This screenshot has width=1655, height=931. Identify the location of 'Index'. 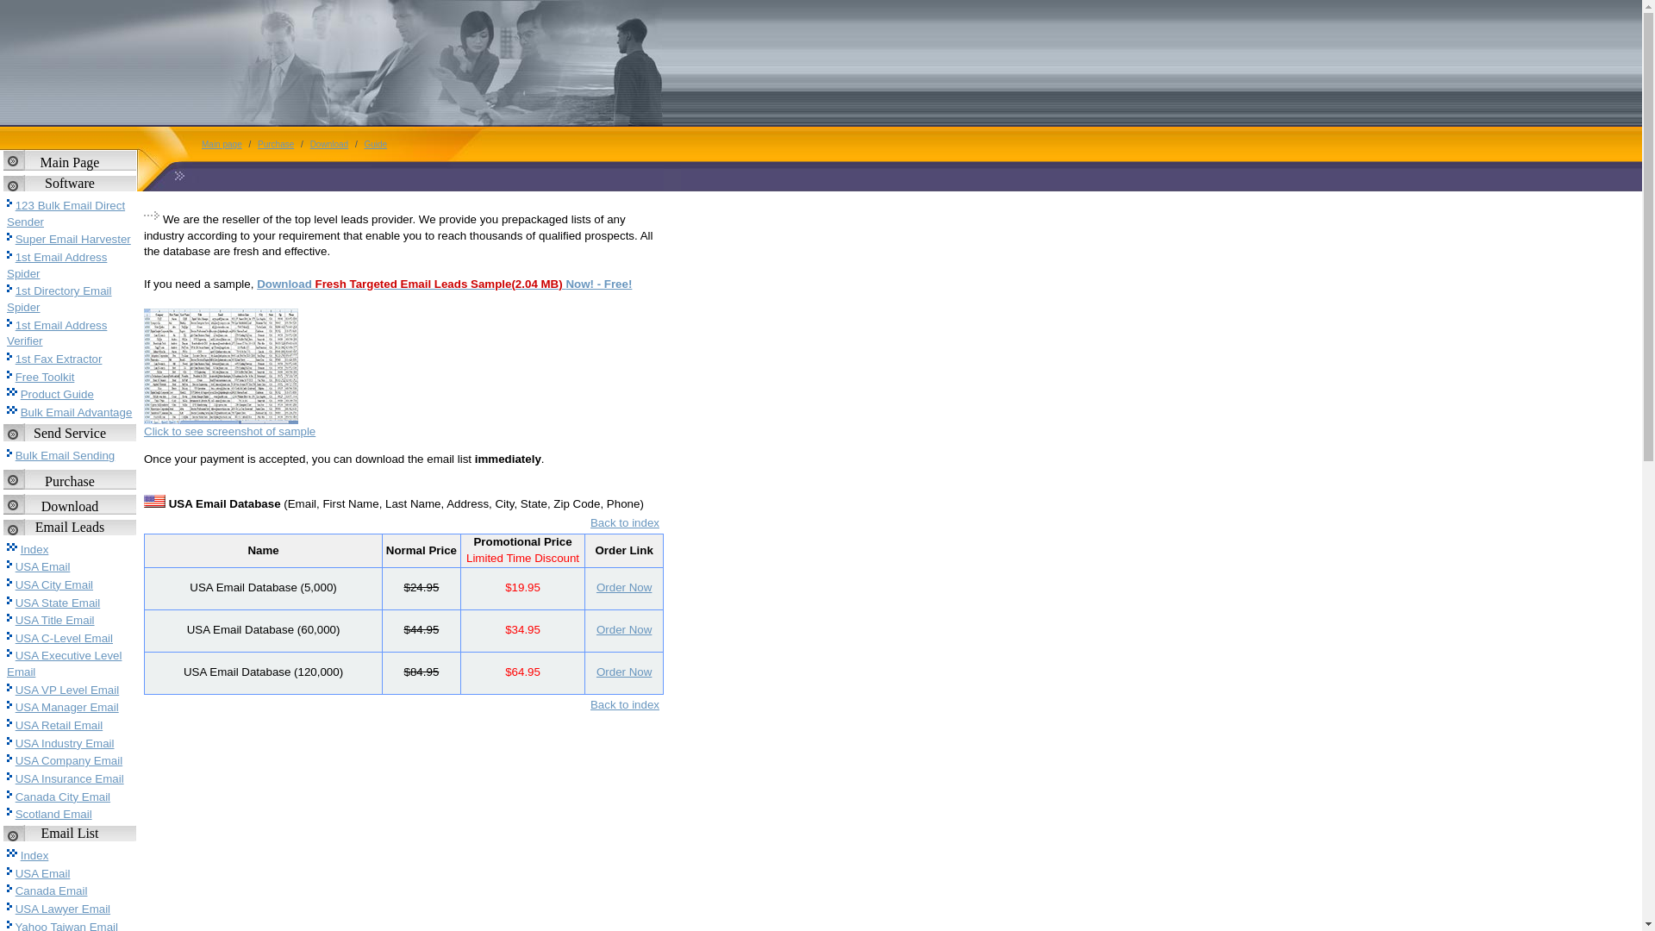
(34, 549).